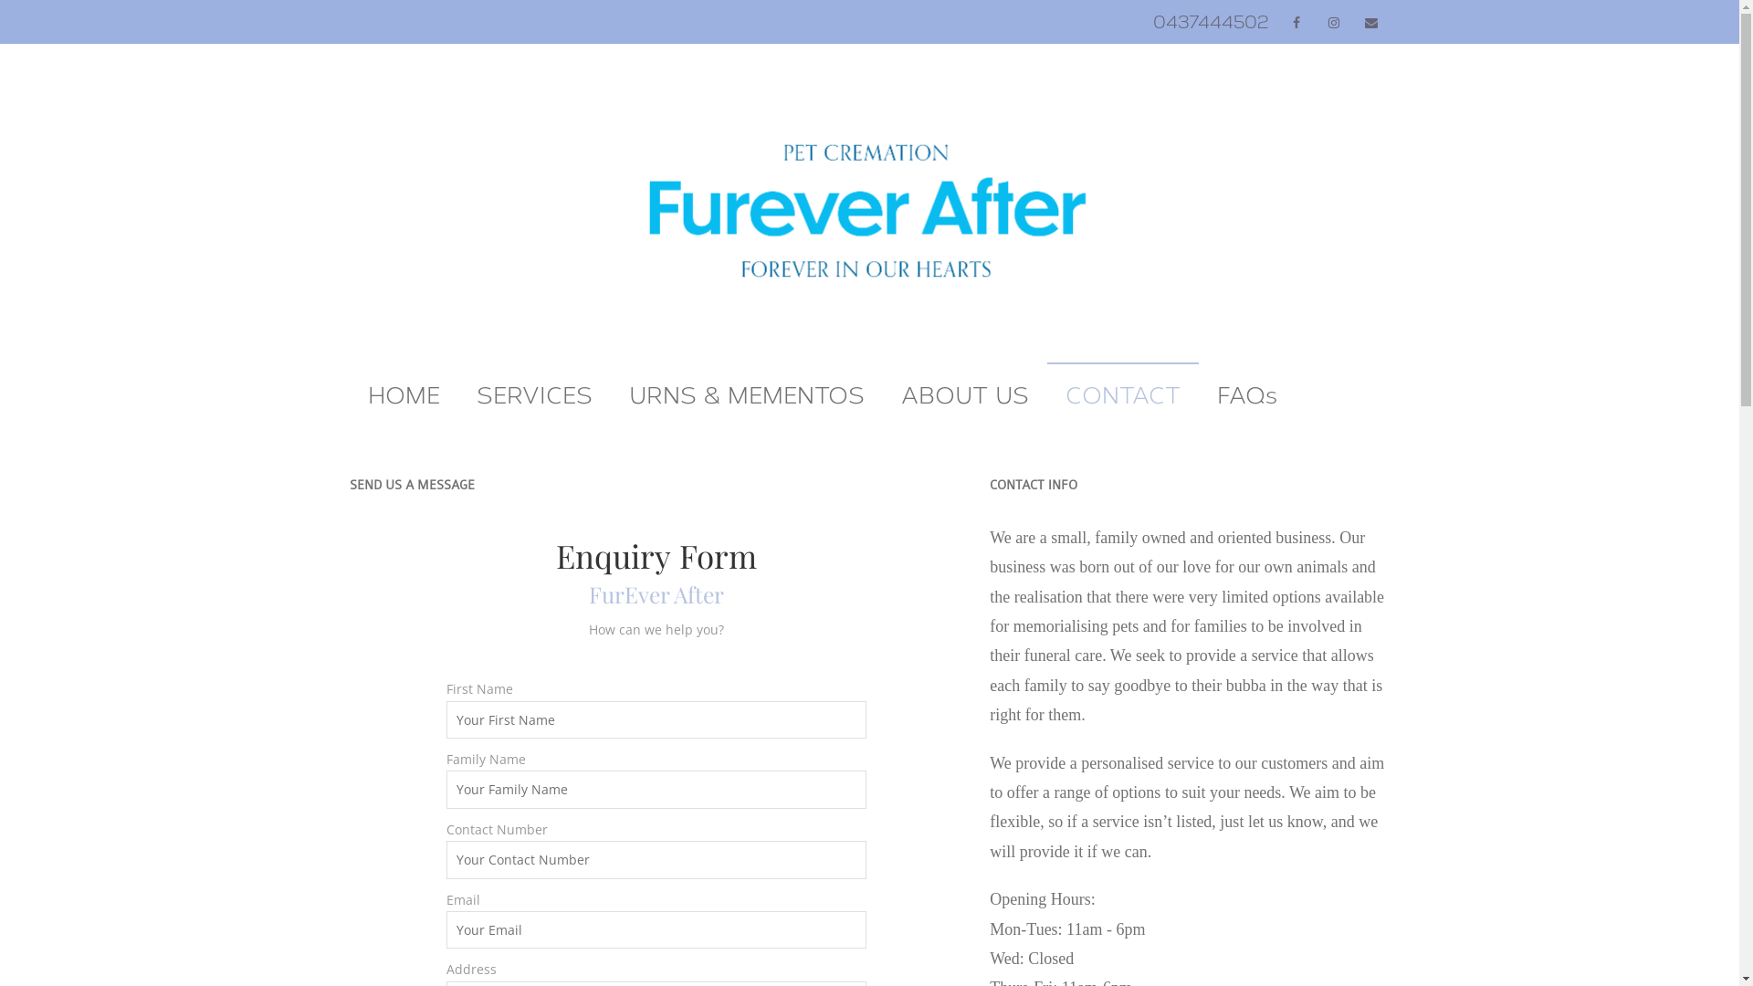  I want to click on 'CONTACT', so click(1120, 394).